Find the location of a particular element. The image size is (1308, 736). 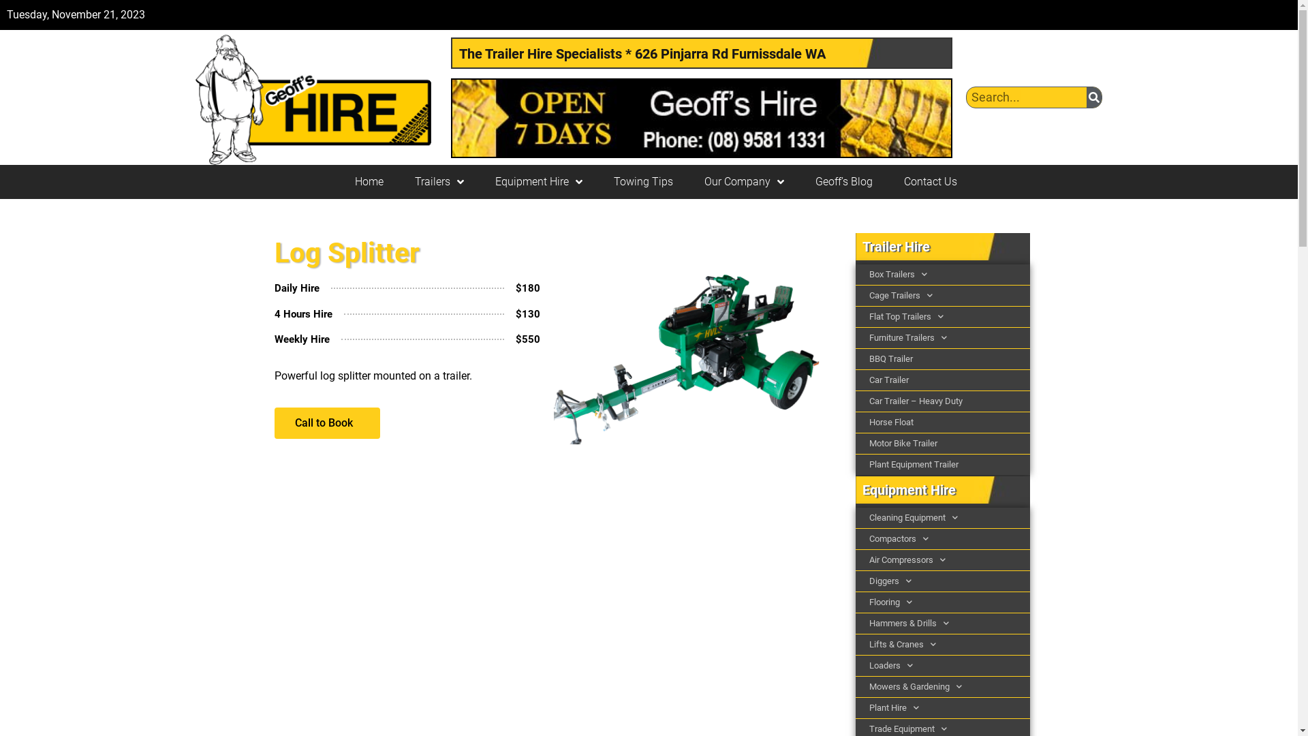

'Trailers' is located at coordinates (438, 181).